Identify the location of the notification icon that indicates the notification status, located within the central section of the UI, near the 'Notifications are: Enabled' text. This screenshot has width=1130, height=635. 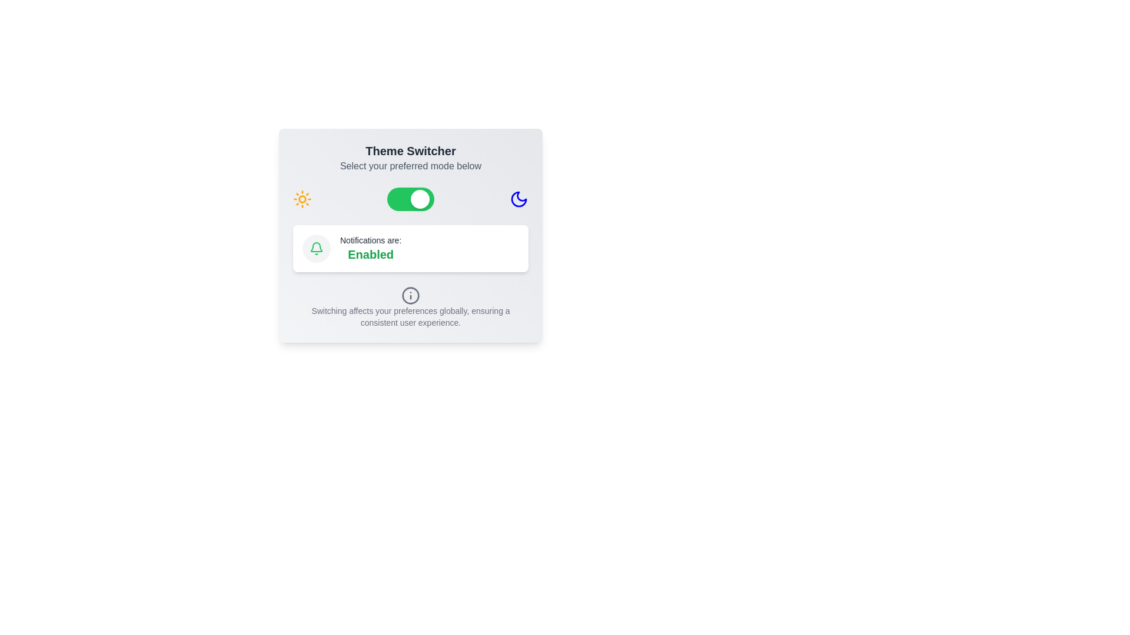
(316, 248).